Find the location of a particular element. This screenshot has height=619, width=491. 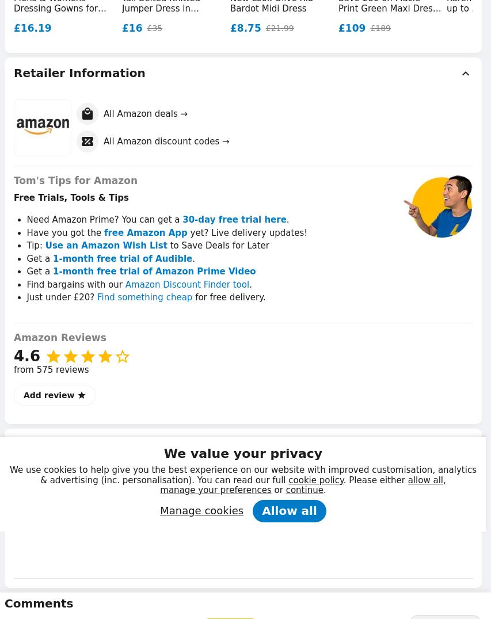

'£35' is located at coordinates (154, 28).